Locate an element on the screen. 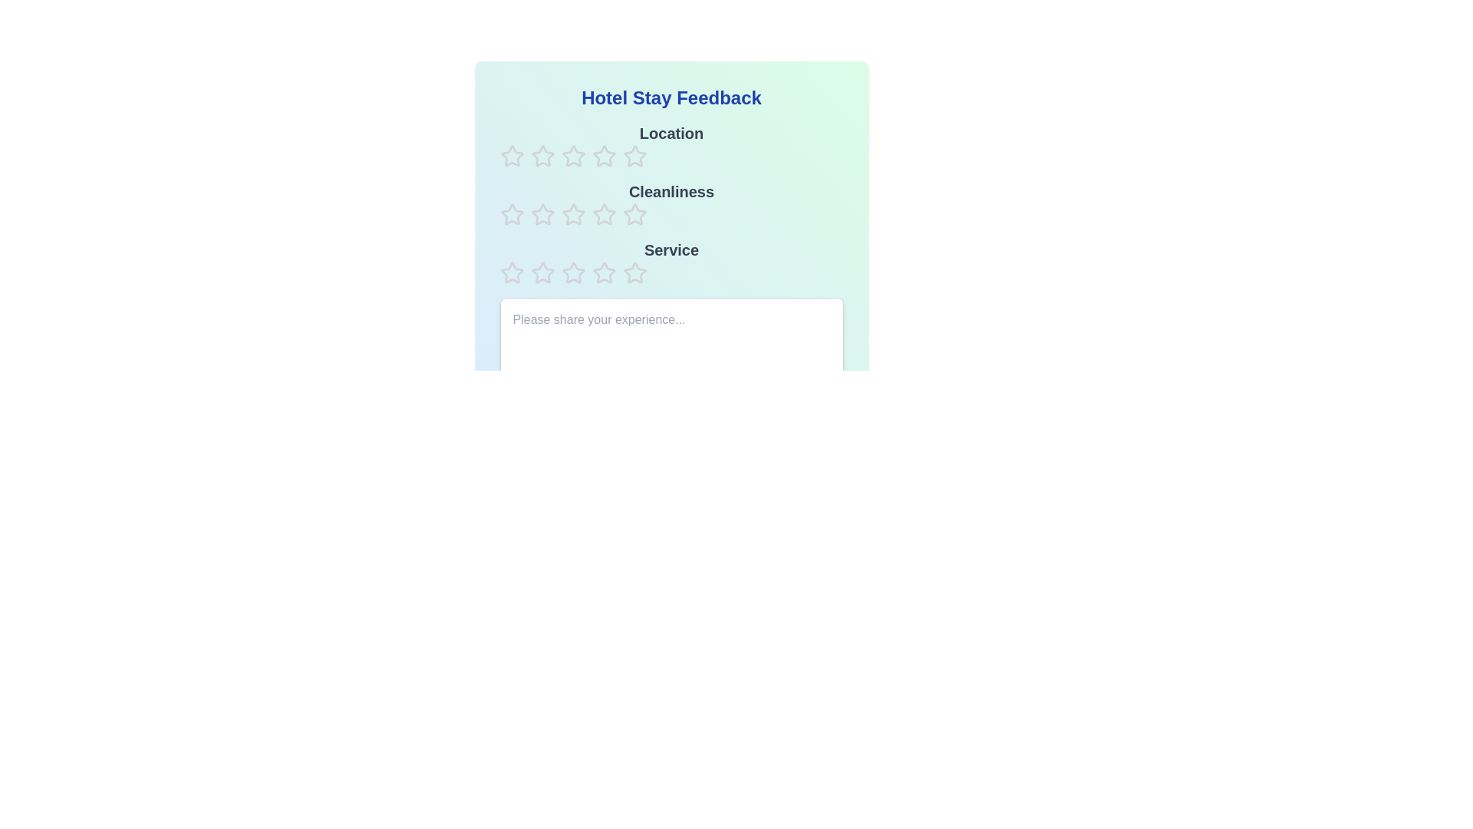 This screenshot has height=829, width=1473. the 'Location' text label, which is a bold header positioned above the star icons in the feedback form interface is located at coordinates (671, 145).